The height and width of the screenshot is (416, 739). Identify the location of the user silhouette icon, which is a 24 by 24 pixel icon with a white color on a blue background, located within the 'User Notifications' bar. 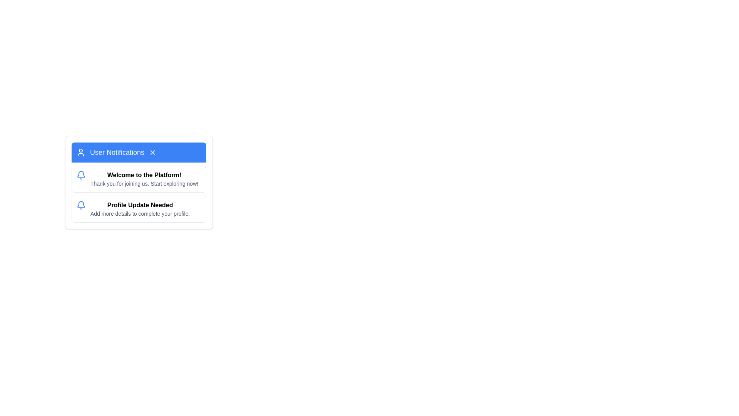
(81, 153).